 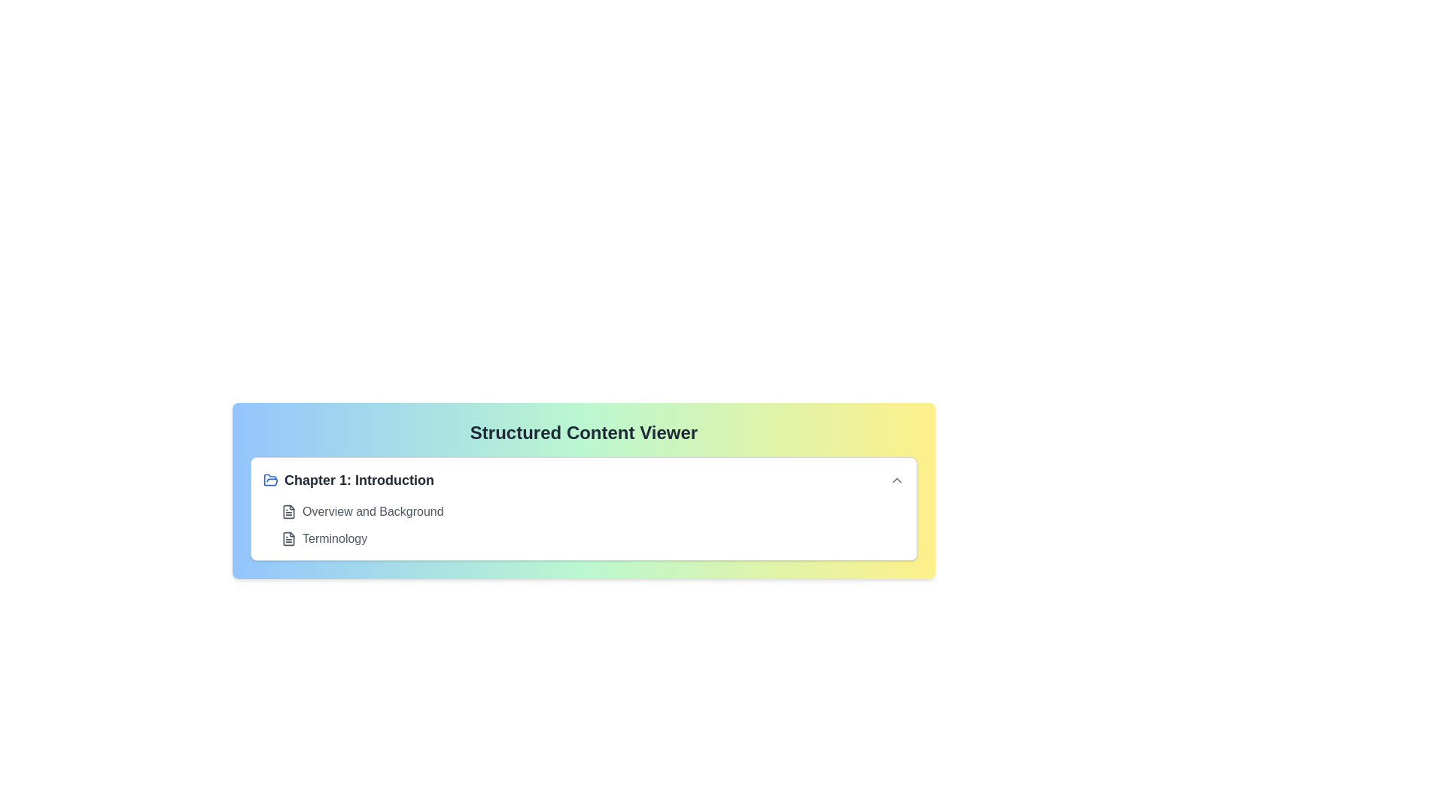 I want to click on the heading titled 'Structured Content Viewer' by moving the cursor to its center, so click(x=583, y=432).